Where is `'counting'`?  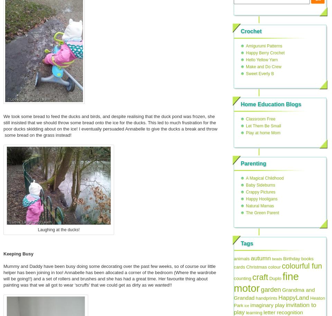 'counting' is located at coordinates (242, 278).